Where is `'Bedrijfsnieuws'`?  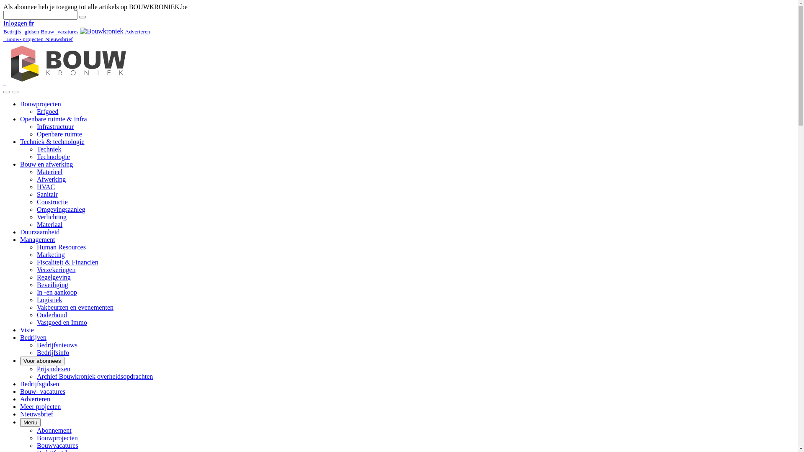
'Bedrijfsnieuws' is located at coordinates (57, 345).